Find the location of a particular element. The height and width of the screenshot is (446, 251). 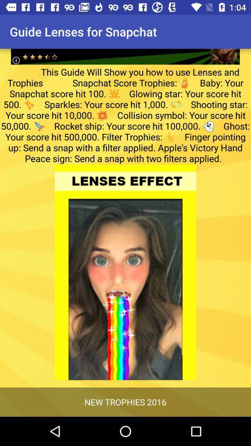

advertisement is located at coordinates (125, 49).